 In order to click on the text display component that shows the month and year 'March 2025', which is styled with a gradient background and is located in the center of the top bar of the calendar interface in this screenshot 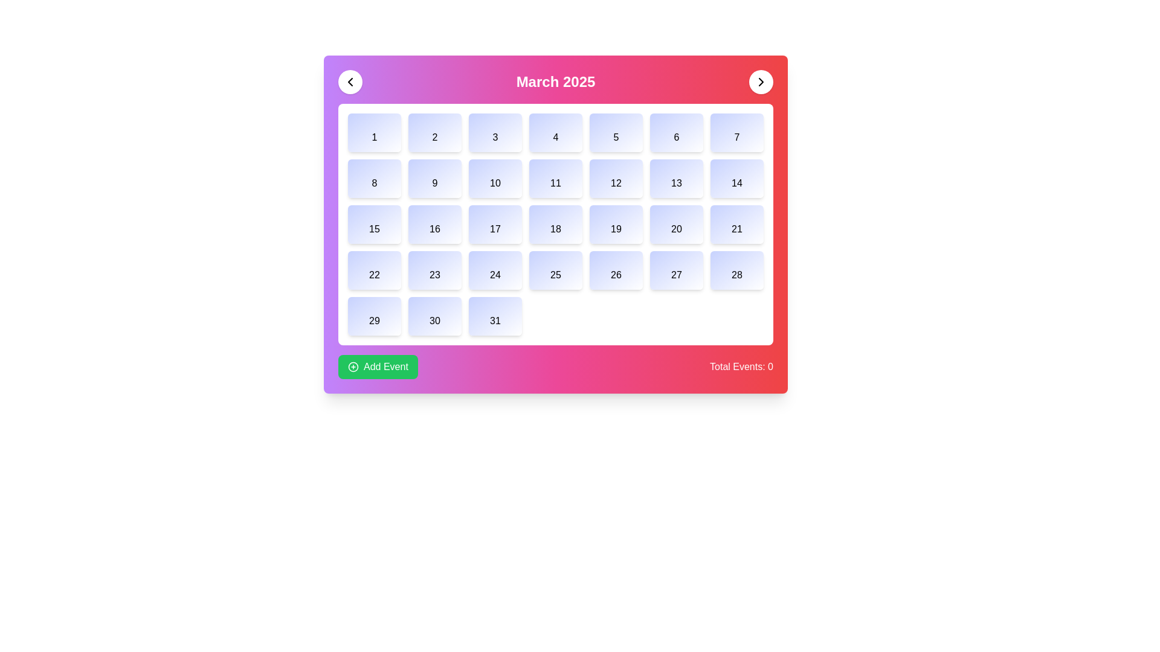, I will do `click(555, 81)`.